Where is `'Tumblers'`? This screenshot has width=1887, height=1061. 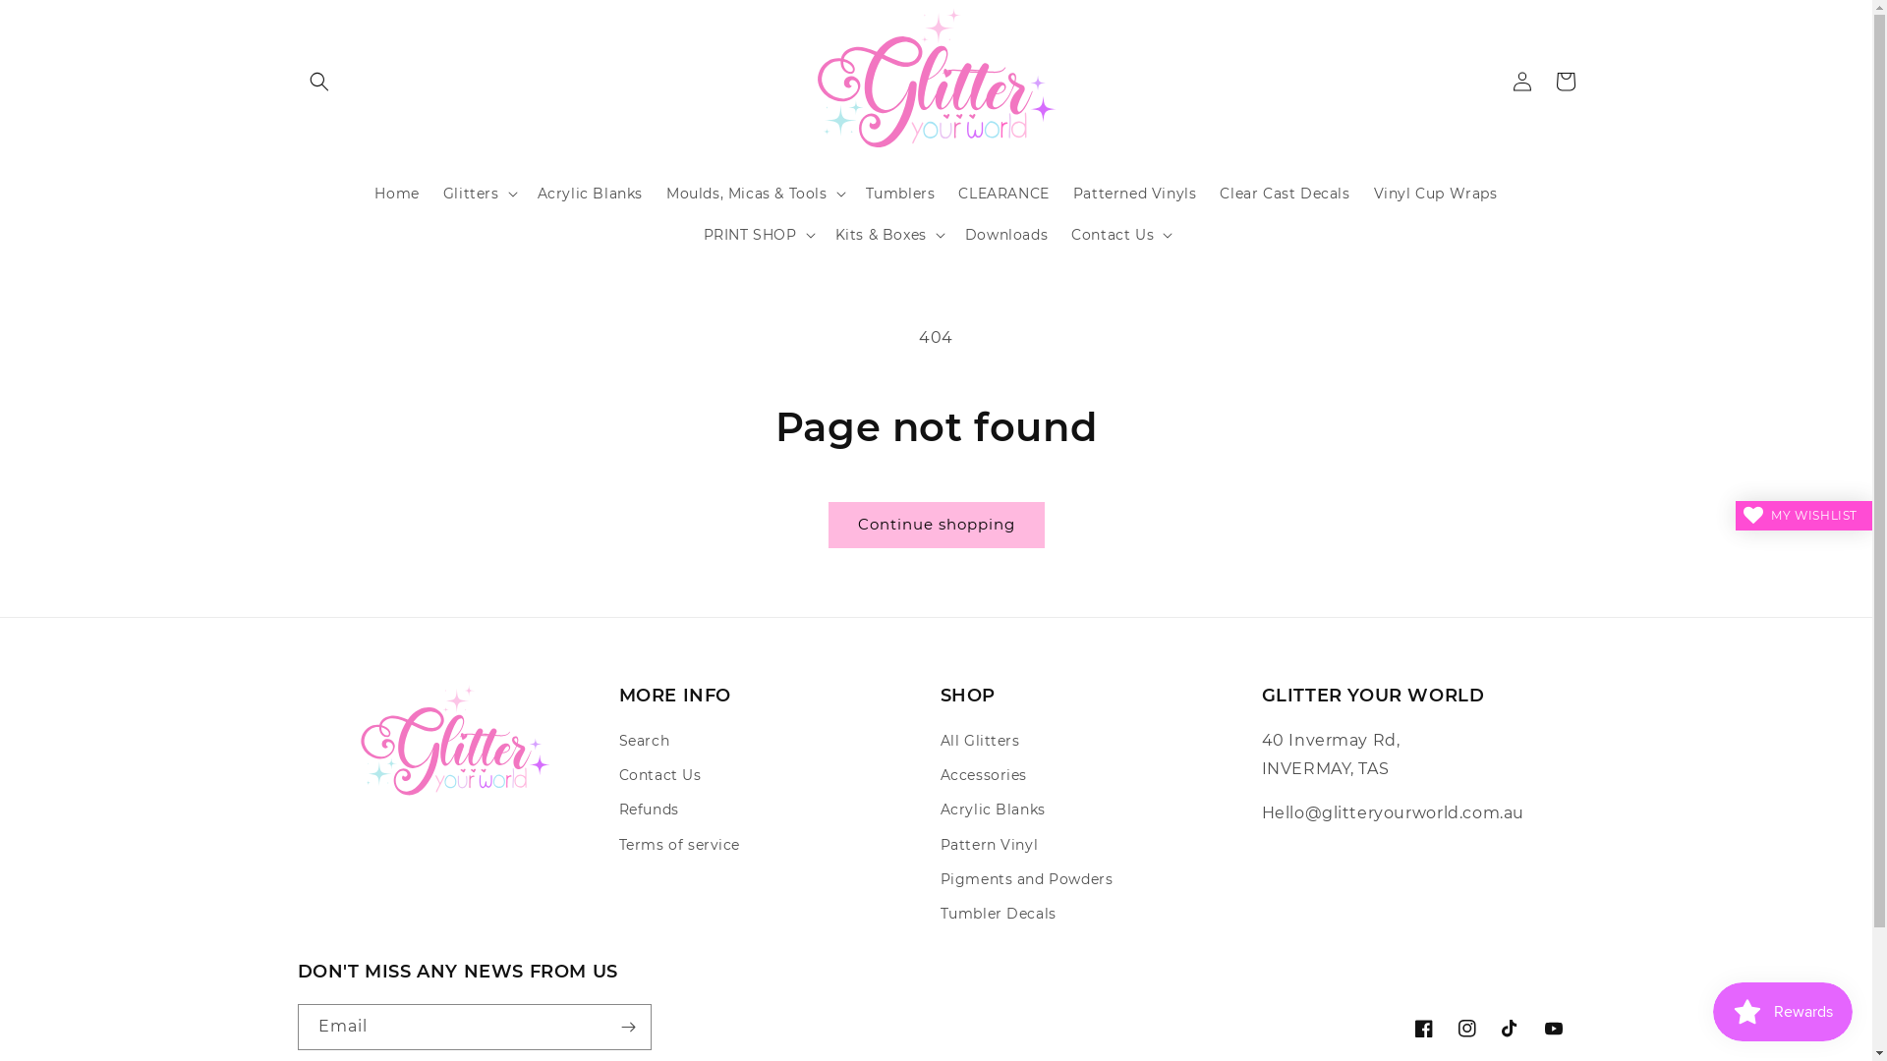
'Tumblers' is located at coordinates (899, 193).